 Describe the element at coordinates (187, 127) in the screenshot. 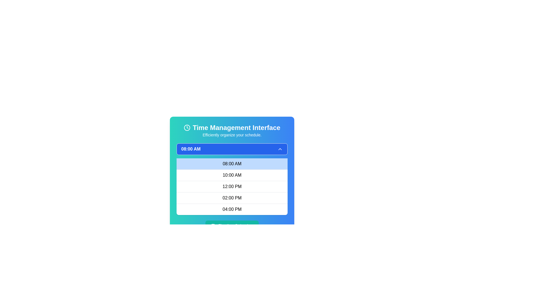

I see `the circular graphical element of the clock icon located at the top-left corner of the interface, adjacent to the 'Time Management Interface' title` at that location.